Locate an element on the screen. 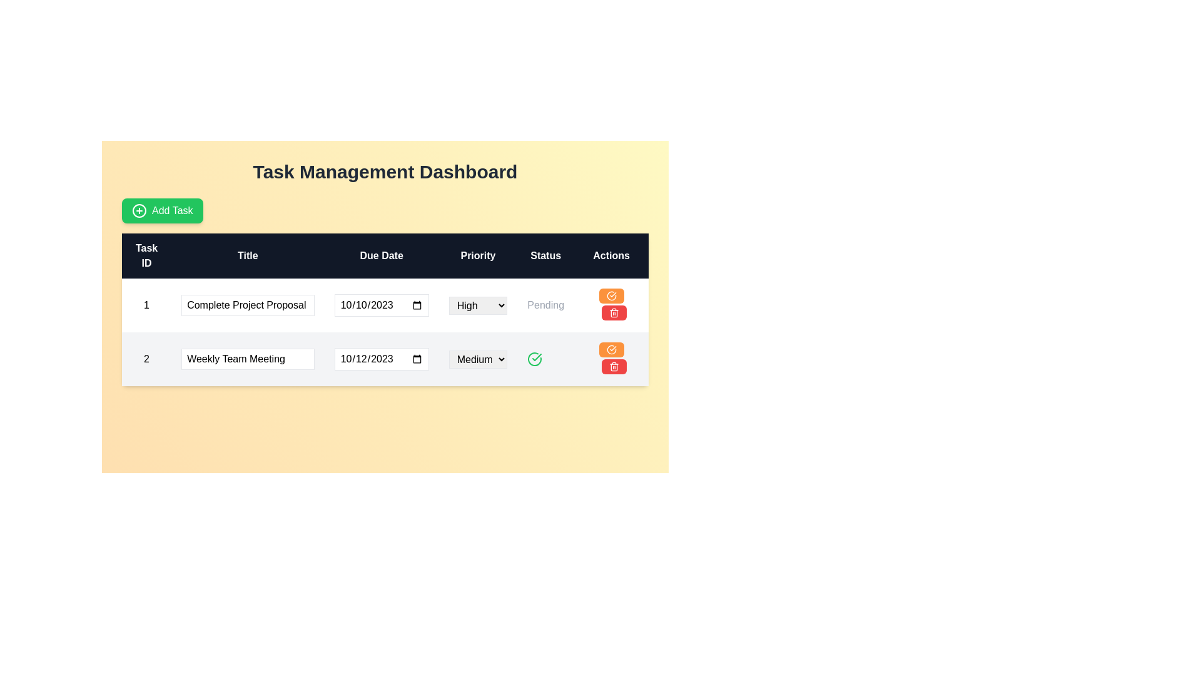 This screenshot has width=1201, height=676. the Header or Title that displays 'Task Management Dashboard', which is a large, bold text element positioned at the top center of the interface is located at coordinates (384, 172).